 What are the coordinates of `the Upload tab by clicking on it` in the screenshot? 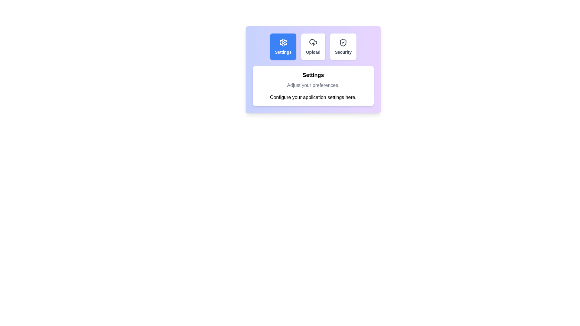 It's located at (313, 46).